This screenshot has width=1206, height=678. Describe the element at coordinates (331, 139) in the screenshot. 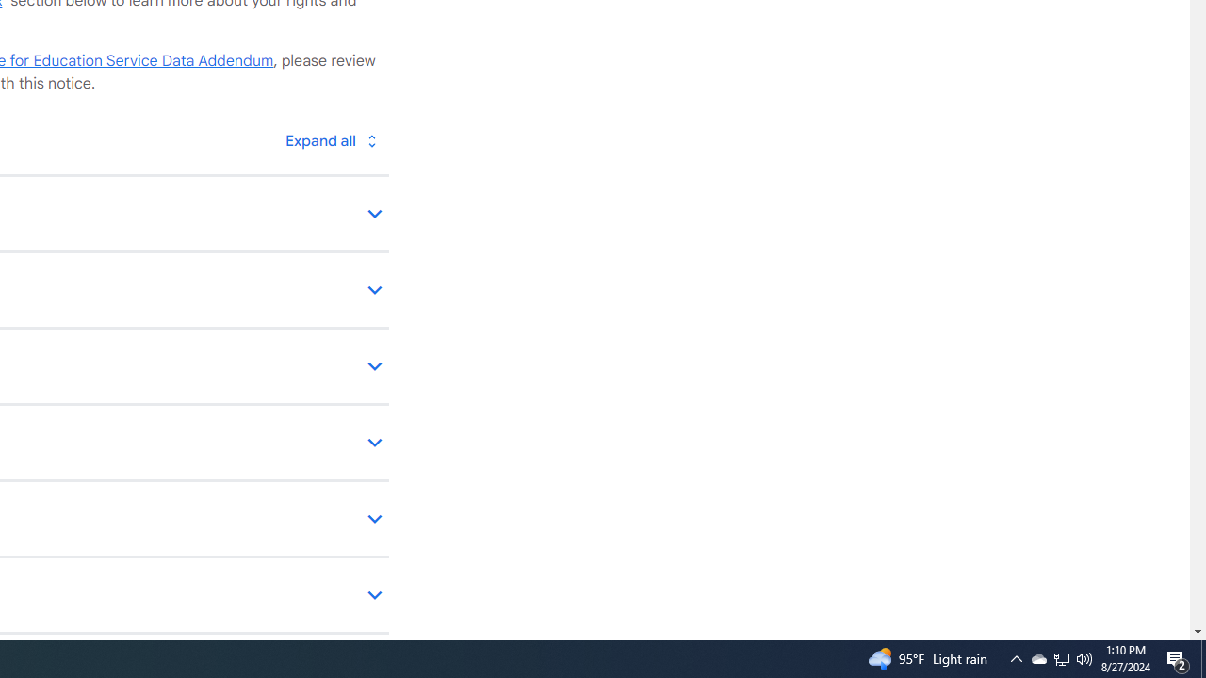

I see `'Toggle all'` at that location.